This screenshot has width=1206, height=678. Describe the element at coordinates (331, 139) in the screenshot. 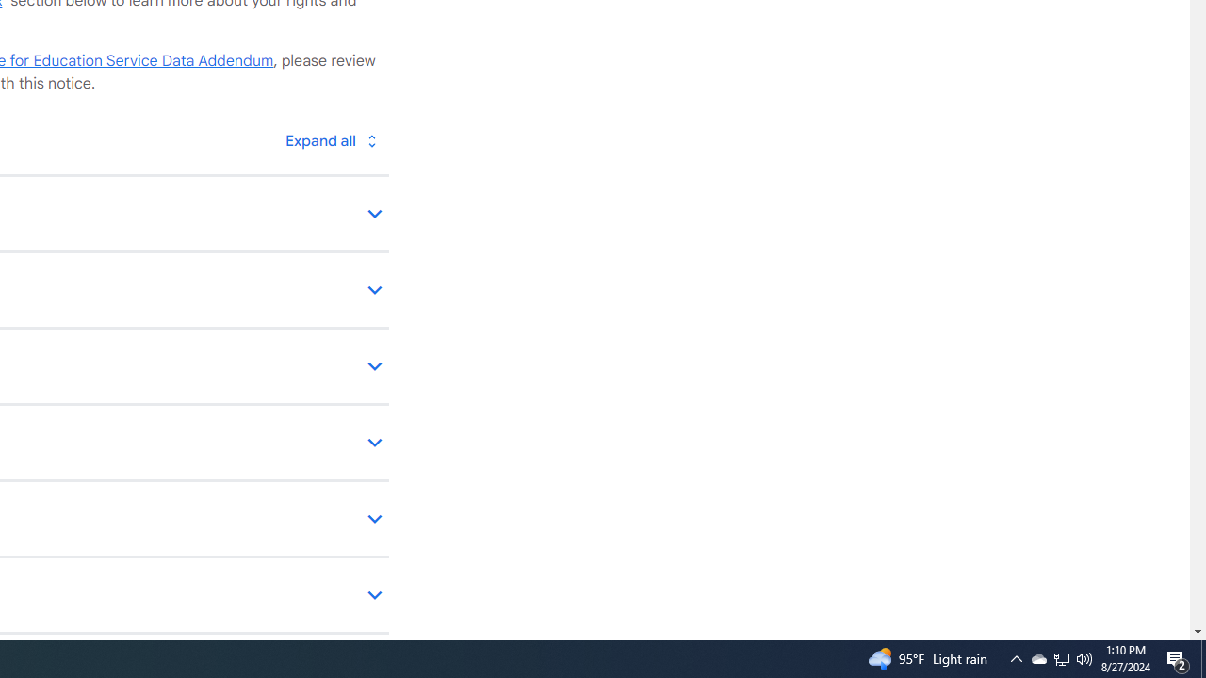

I see `'Toggle all'` at that location.